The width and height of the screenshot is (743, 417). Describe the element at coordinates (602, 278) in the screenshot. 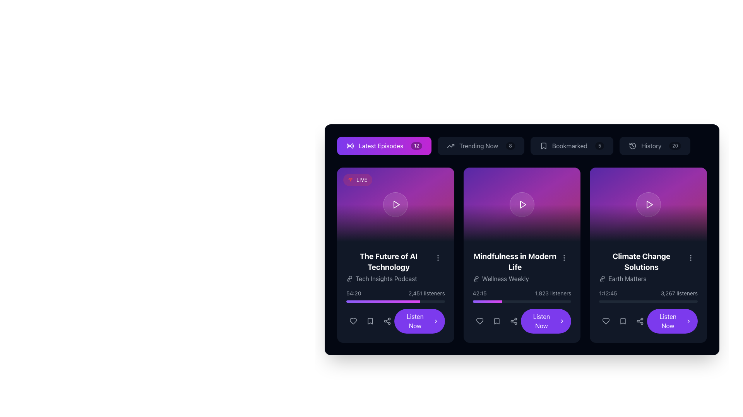

I see `the SVG Icon located to the left of the 'Earth Matters' text in the bottom section of the 'Climate Change Solutions' card` at that location.